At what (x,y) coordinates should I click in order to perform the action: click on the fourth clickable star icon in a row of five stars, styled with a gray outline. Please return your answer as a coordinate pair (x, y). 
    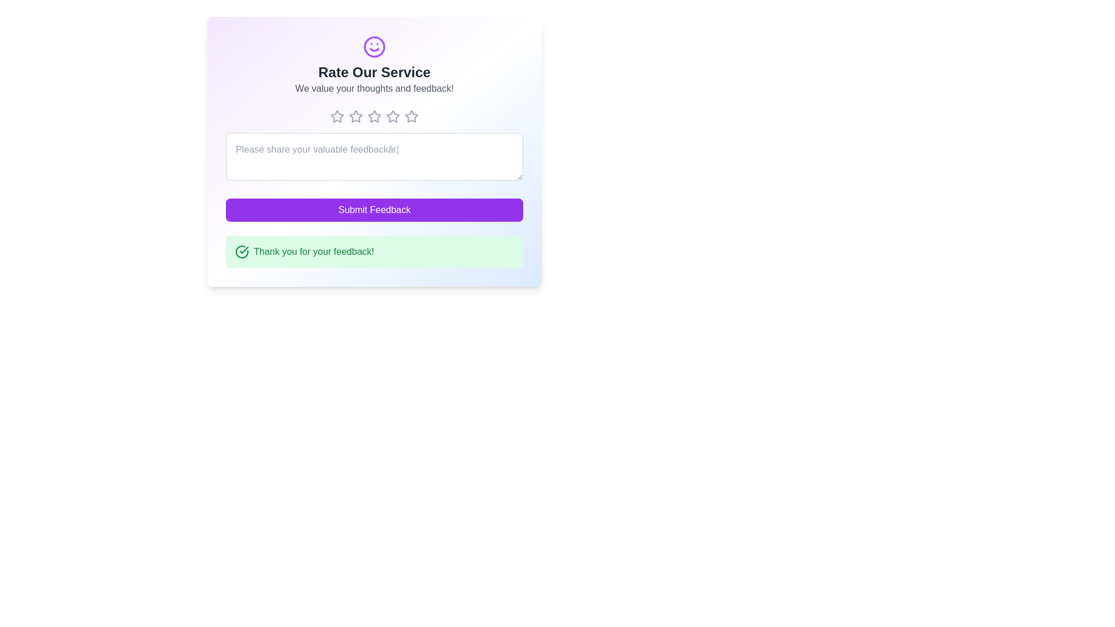
    Looking at the image, I should click on (374, 116).